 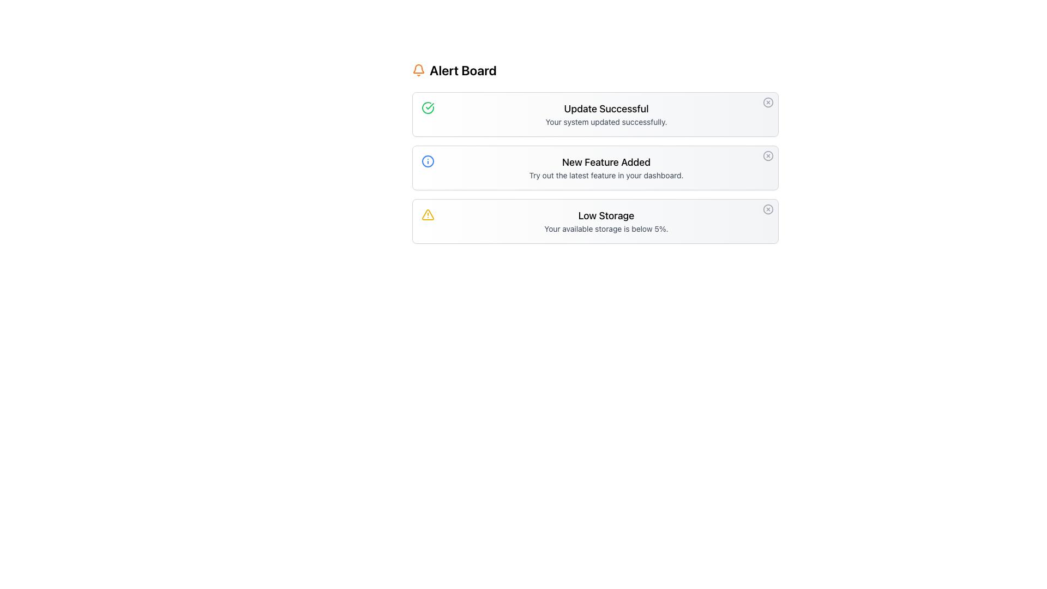 I want to click on the circular button with an 'X' icon located in the upper-right corner of the 'New Feature Added' card, so click(x=768, y=155).